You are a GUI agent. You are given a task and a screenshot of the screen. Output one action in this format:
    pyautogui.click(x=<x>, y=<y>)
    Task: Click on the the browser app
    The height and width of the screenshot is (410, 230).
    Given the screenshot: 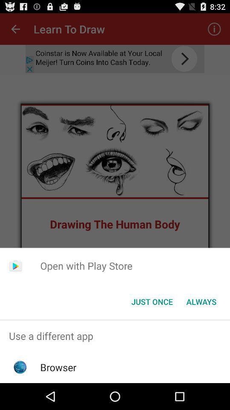 What is the action you would take?
    pyautogui.click(x=58, y=367)
    